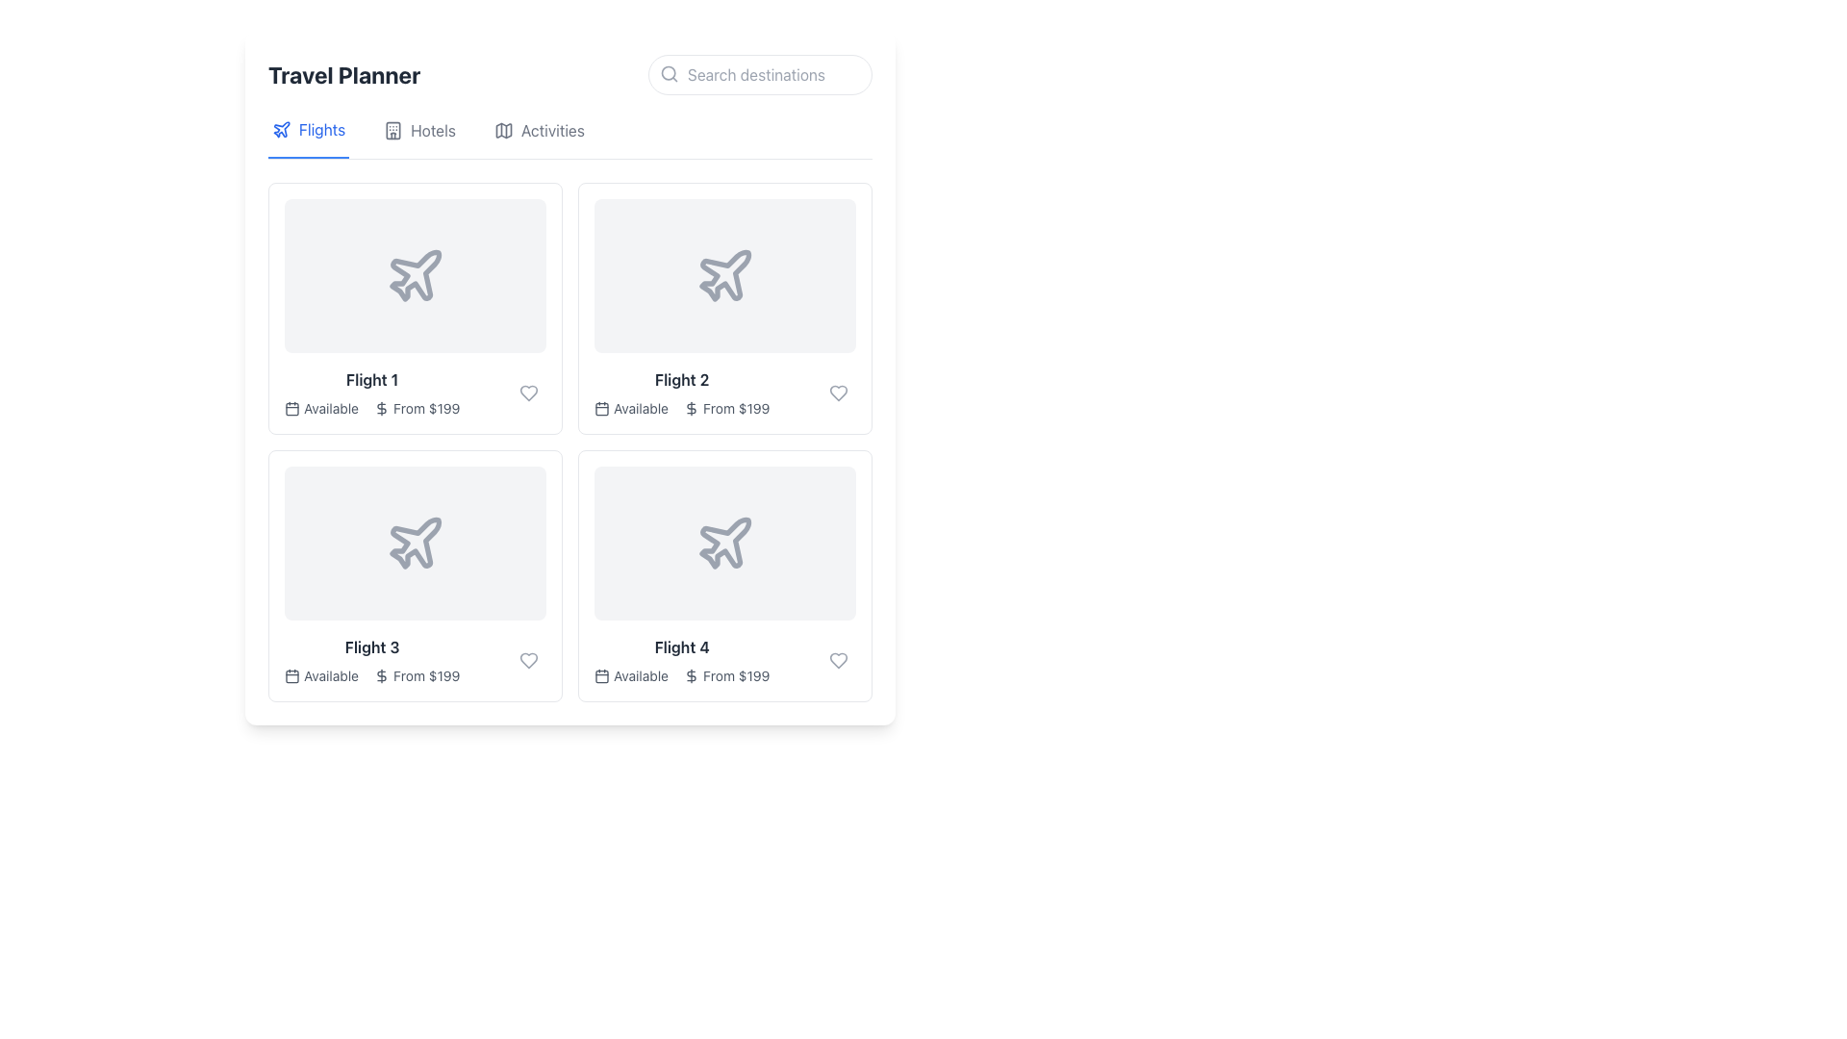 This screenshot has width=1847, height=1039. I want to click on the availability status and starting price text located within the 'Flight 1' card, positioned below the airplane image, so click(372, 407).